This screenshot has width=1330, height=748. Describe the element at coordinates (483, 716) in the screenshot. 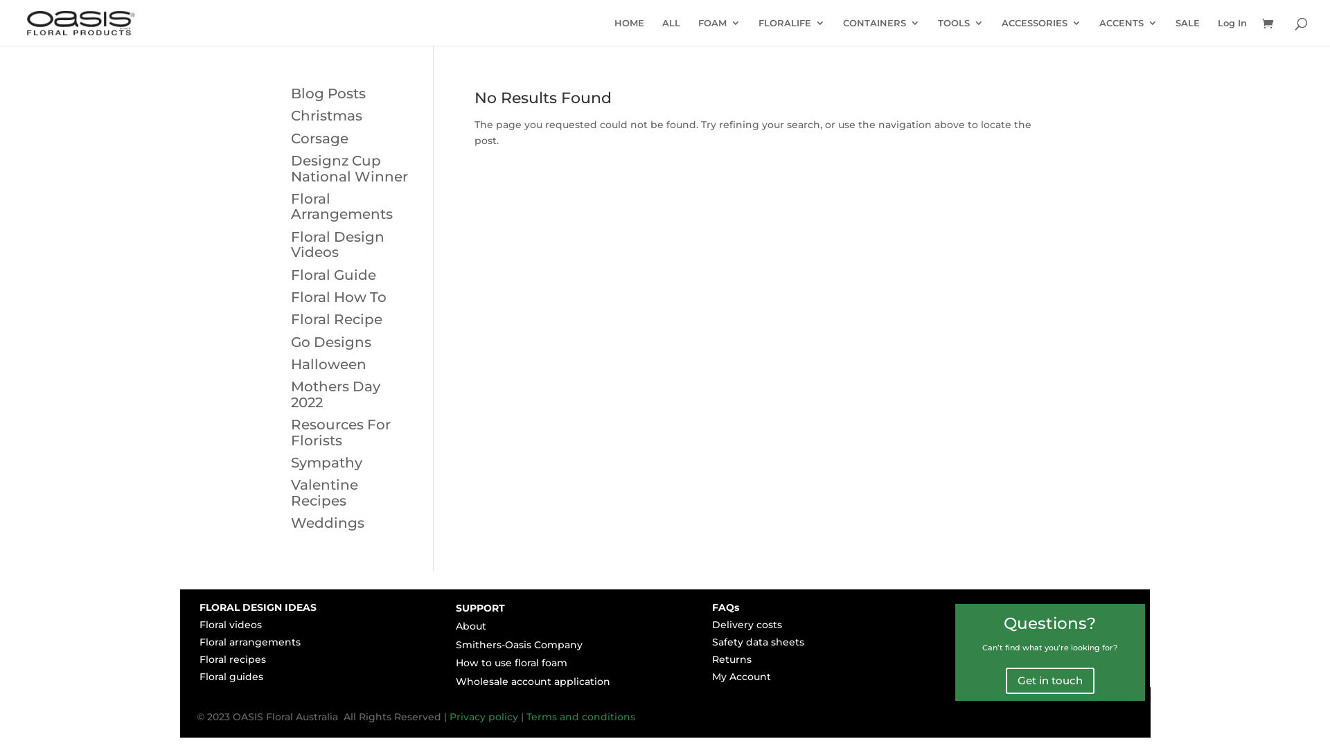

I see `'Privacy policy'` at that location.